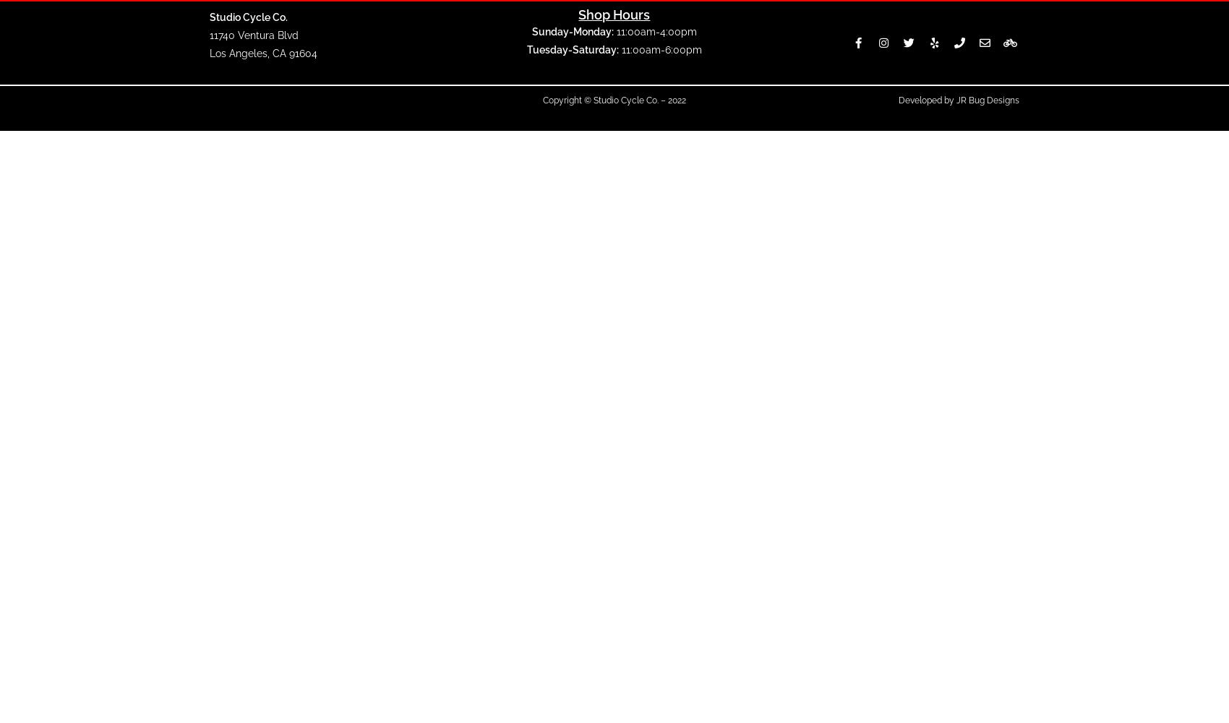 This screenshot has width=1229, height=723. What do you see at coordinates (654, 31) in the screenshot?
I see `'11:00am-4:00pm'` at bounding box center [654, 31].